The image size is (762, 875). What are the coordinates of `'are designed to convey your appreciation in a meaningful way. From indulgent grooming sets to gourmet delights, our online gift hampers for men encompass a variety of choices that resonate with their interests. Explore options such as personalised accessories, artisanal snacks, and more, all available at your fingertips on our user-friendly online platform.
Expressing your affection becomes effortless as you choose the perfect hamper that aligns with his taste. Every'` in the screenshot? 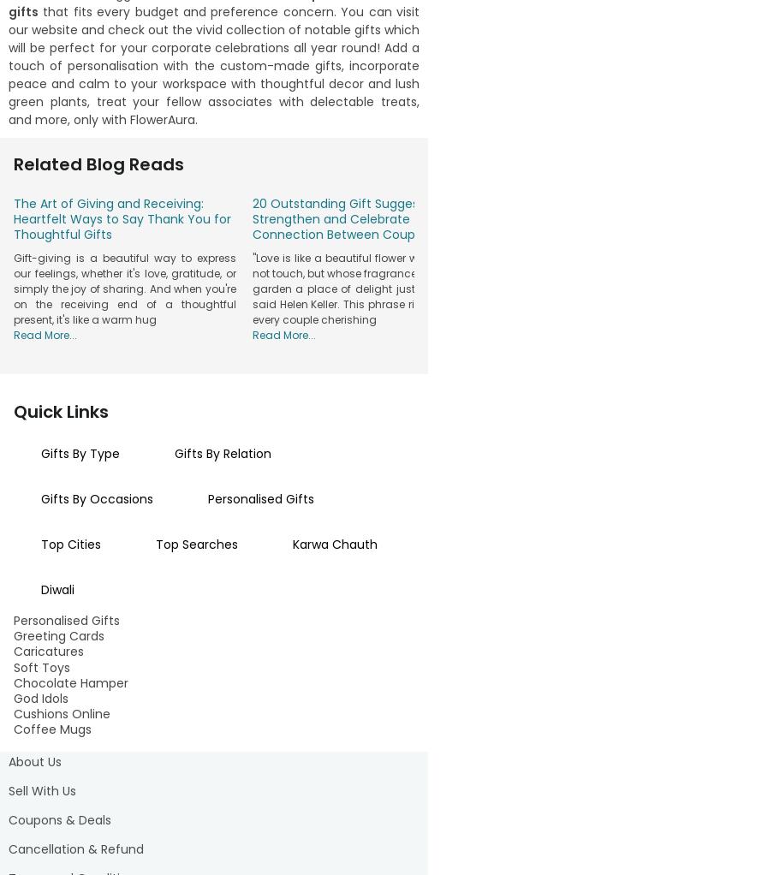 It's located at (8, 221).